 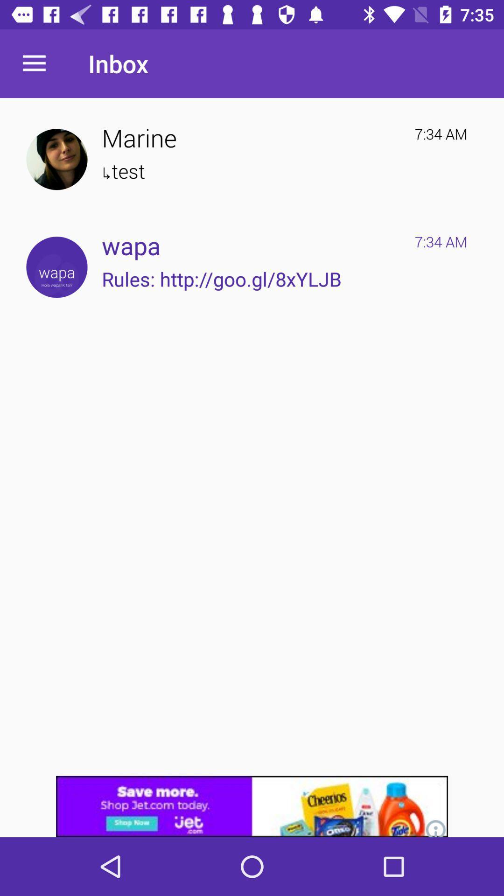 What do you see at coordinates (56, 159) in the screenshot?
I see `image` at bounding box center [56, 159].